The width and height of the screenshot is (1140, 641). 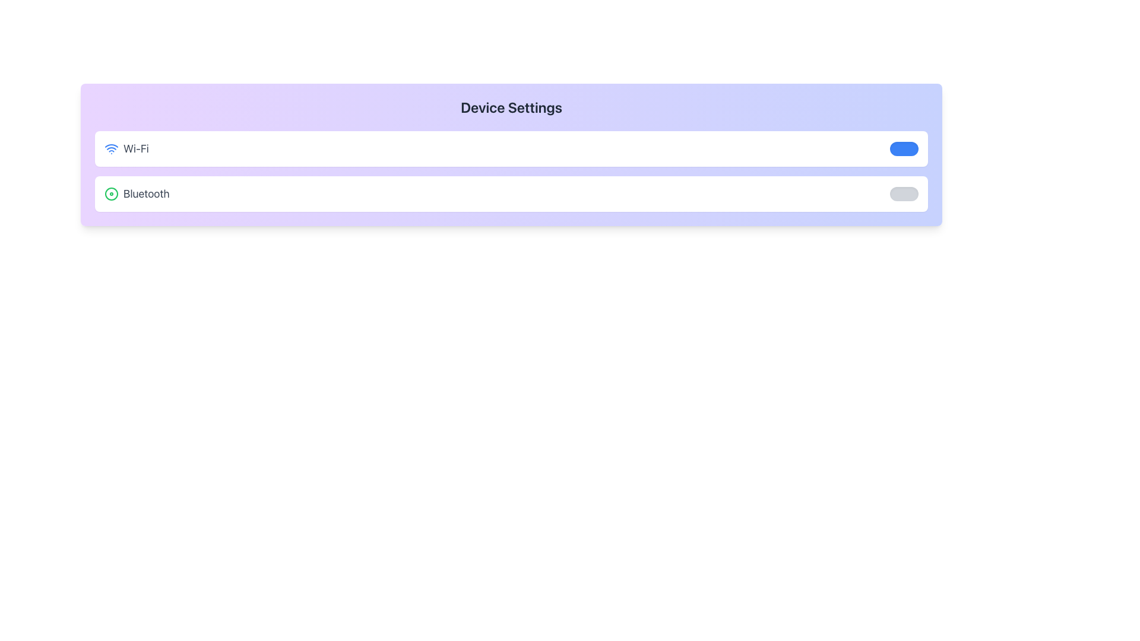 I want to click on the toggle switch with a blue background and rounded edges located at the far-right end of the Wi-Fi settings row, so click(x=903, y=148).